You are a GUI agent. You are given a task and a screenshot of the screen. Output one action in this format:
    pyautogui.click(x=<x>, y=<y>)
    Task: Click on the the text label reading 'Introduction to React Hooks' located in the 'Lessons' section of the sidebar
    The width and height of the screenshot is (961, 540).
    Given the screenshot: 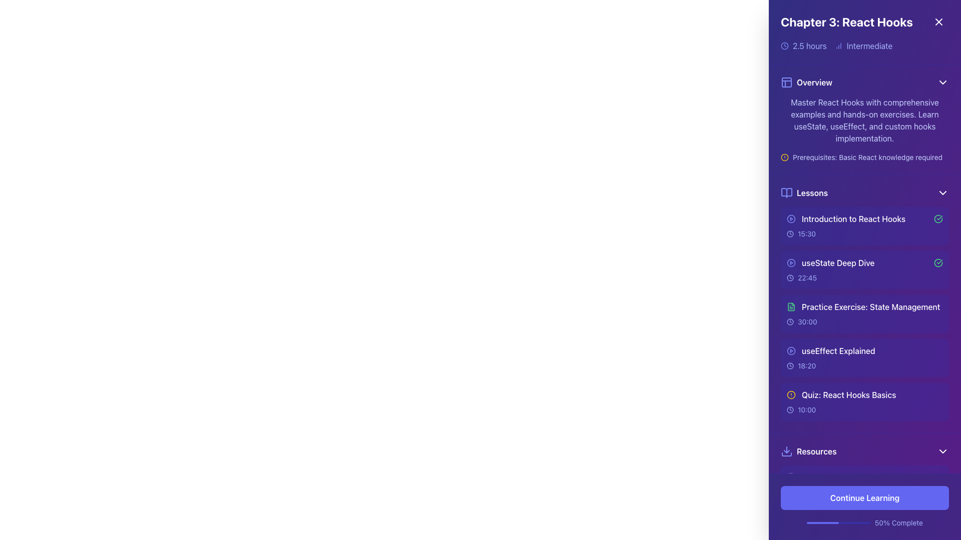 What is the action you would take?
    pyautogui.click(x=845, y=218)
    